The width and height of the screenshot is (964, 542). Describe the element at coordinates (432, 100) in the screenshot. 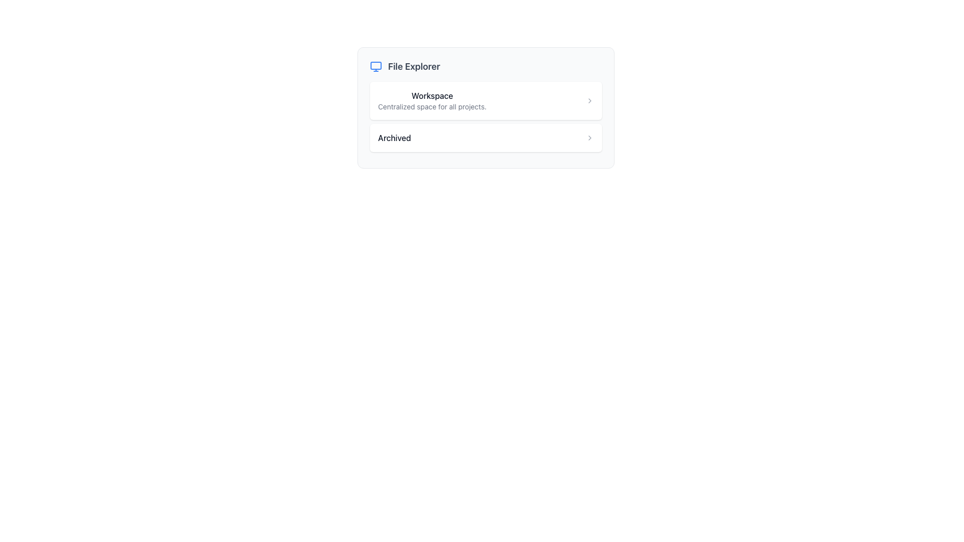

I see `the text block labeled 'Workspace'` at that location.